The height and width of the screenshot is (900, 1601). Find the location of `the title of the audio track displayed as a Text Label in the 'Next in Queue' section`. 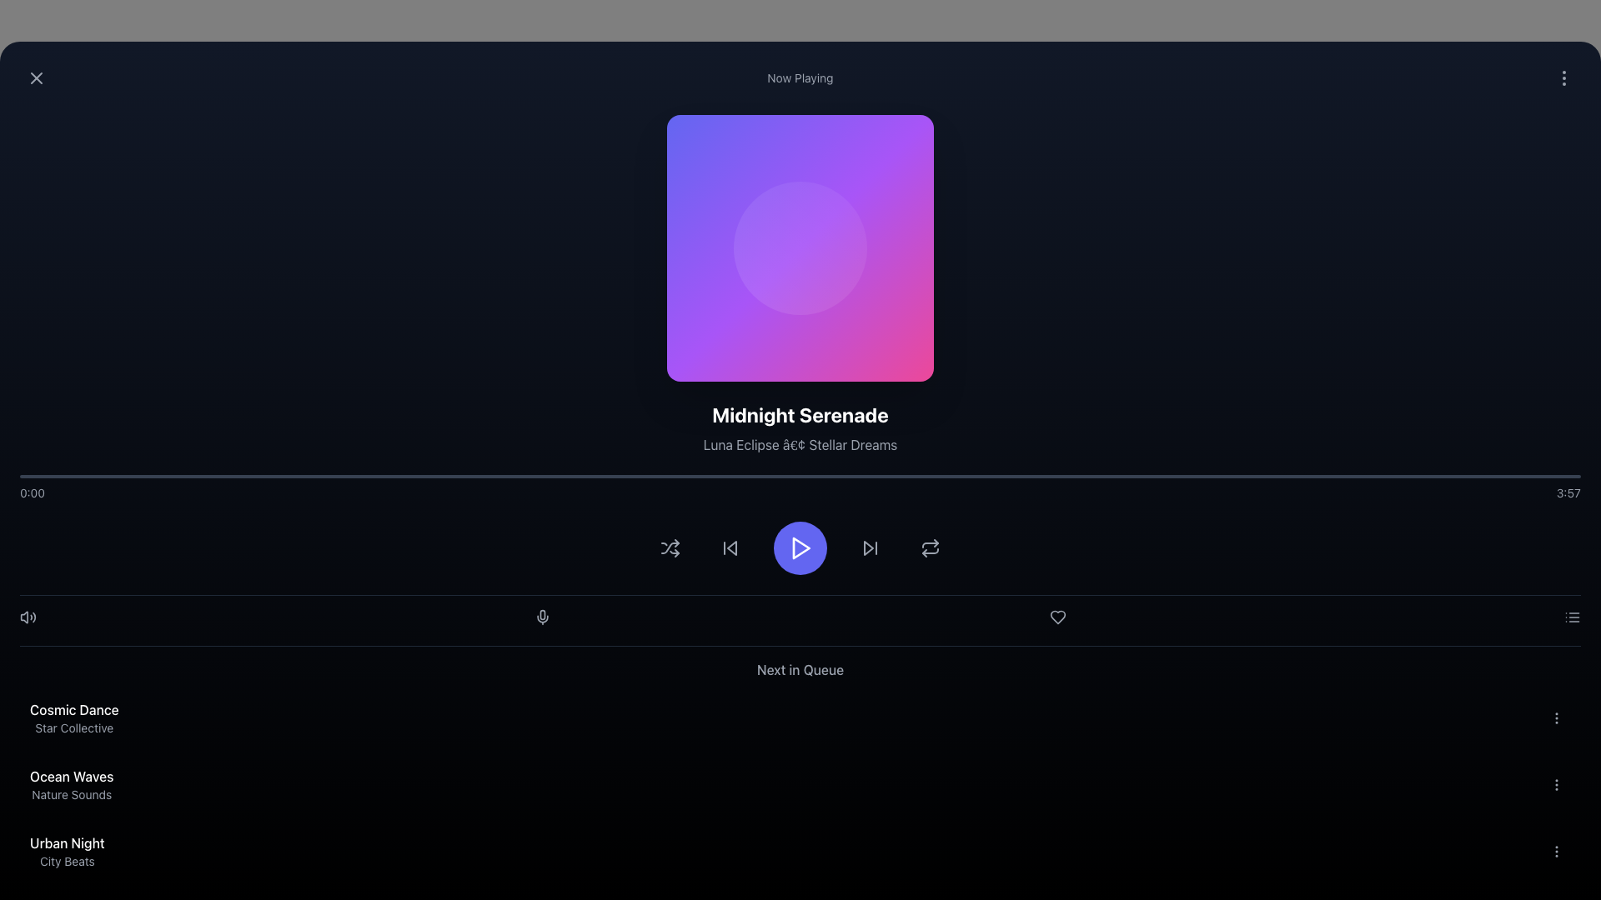

the title of the audio track displayed as a Text Label in the 'Next in Queue' section is located at coordinates (73, 710).